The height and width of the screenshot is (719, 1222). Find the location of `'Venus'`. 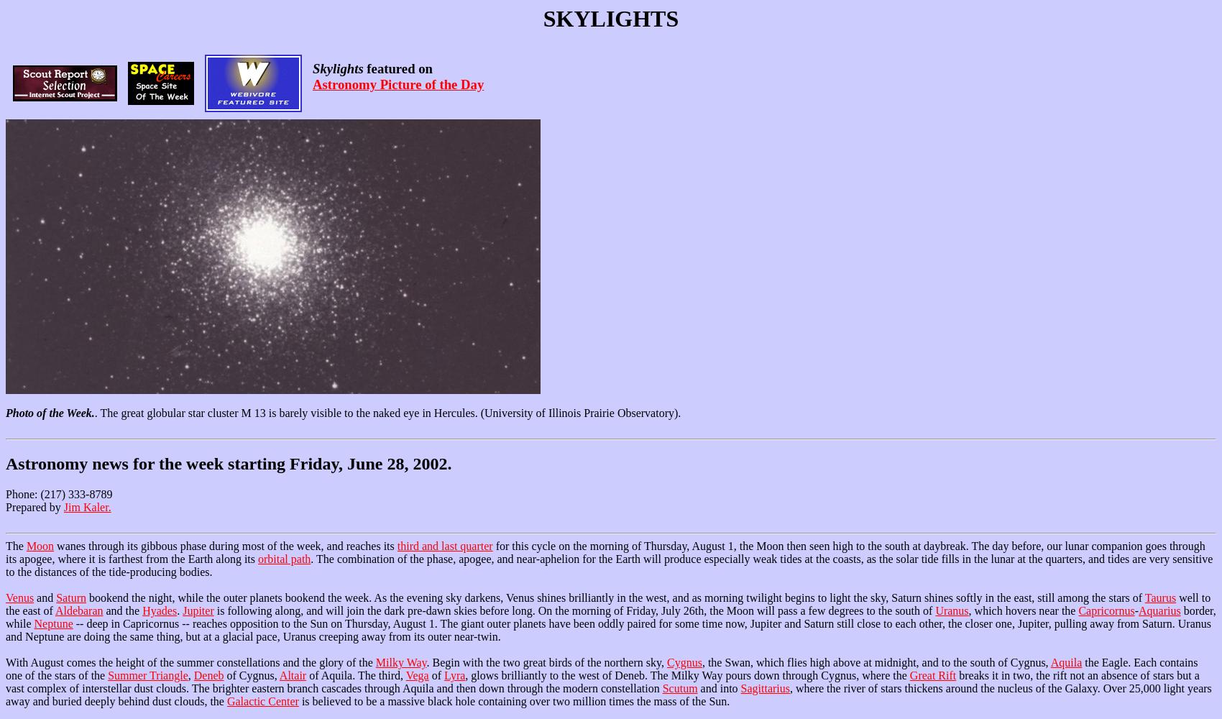

'Venus' is located at coordinates (5, 597).